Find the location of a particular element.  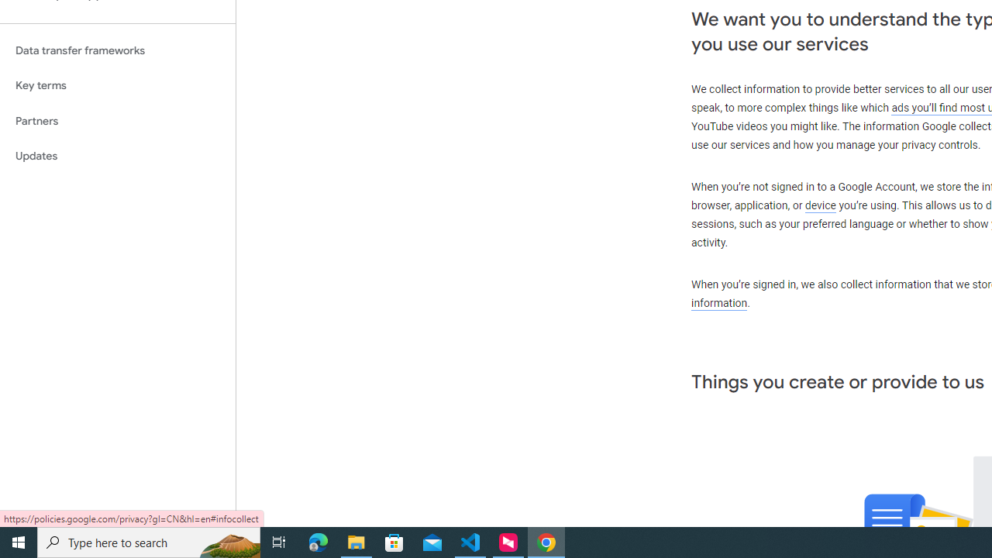

'device' is located at coordinates (820, 205).